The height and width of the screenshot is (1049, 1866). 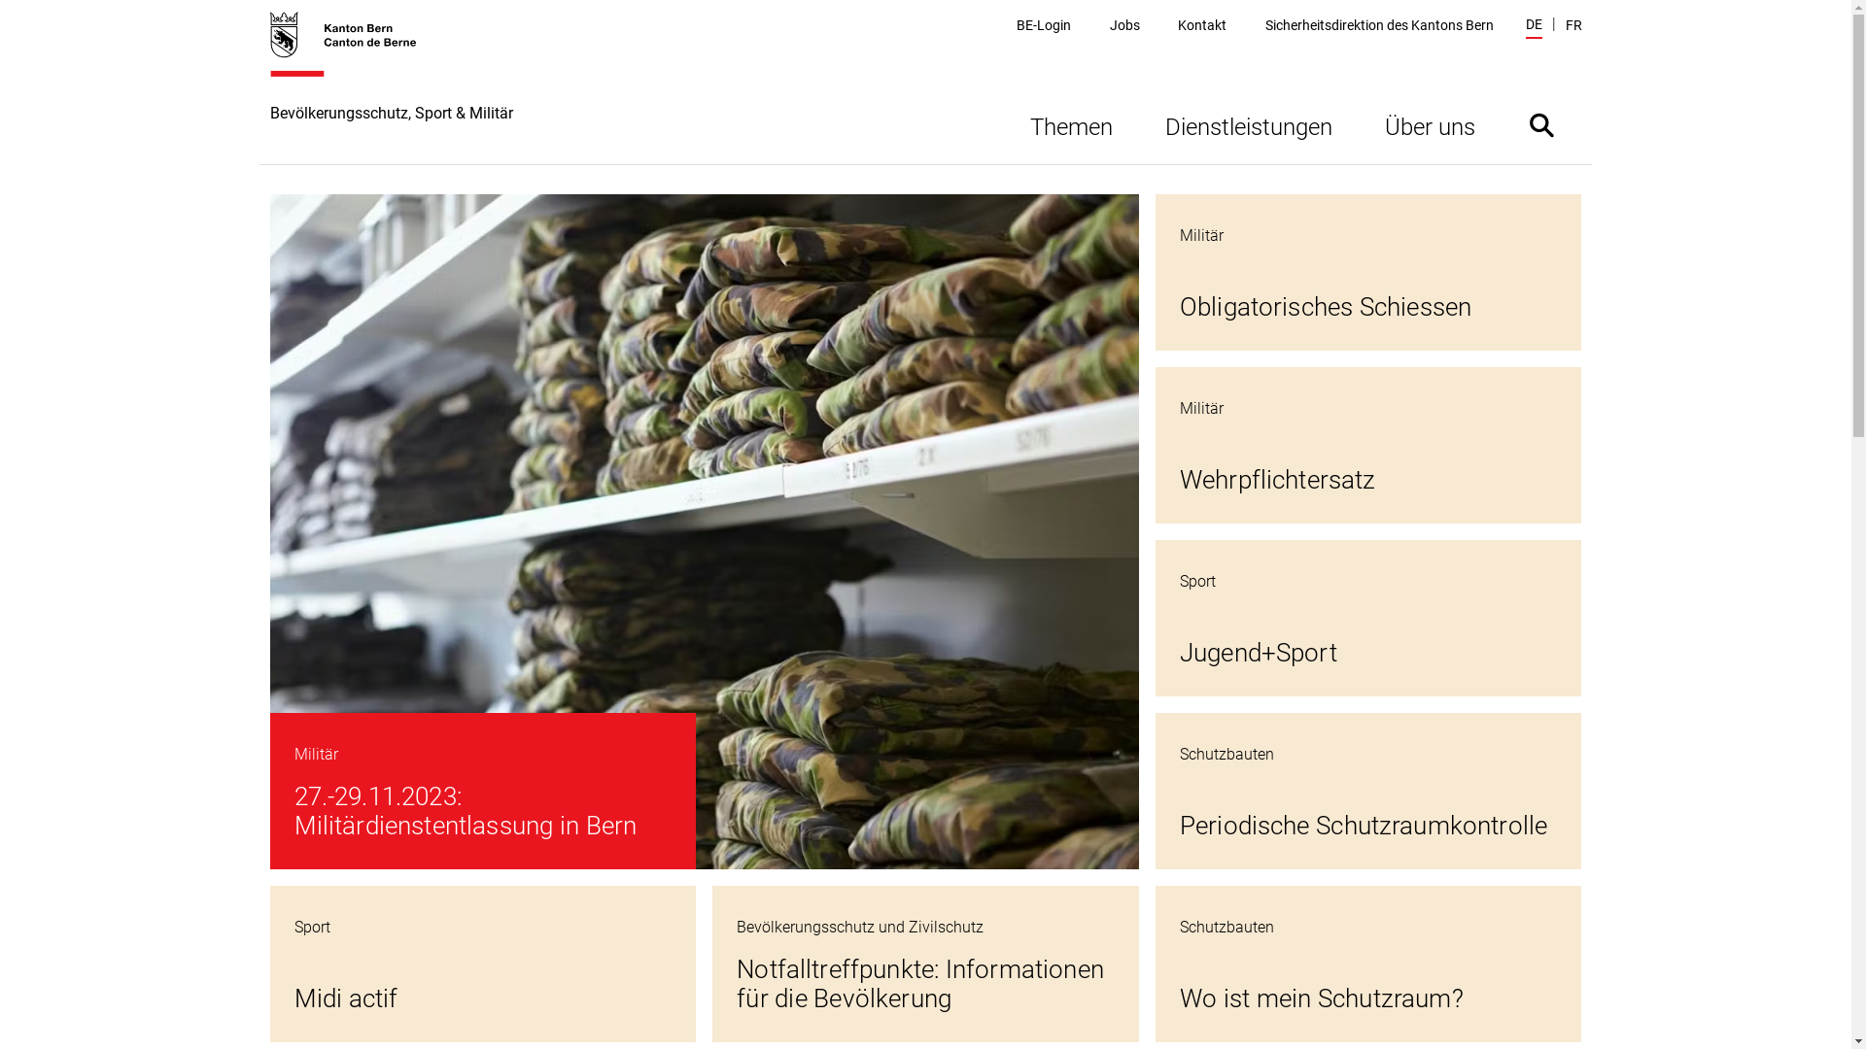 What do you see at coordinates (1124, 25) in the screenshot?
I see `'Jobs'` at bounding box center [1124, 25].